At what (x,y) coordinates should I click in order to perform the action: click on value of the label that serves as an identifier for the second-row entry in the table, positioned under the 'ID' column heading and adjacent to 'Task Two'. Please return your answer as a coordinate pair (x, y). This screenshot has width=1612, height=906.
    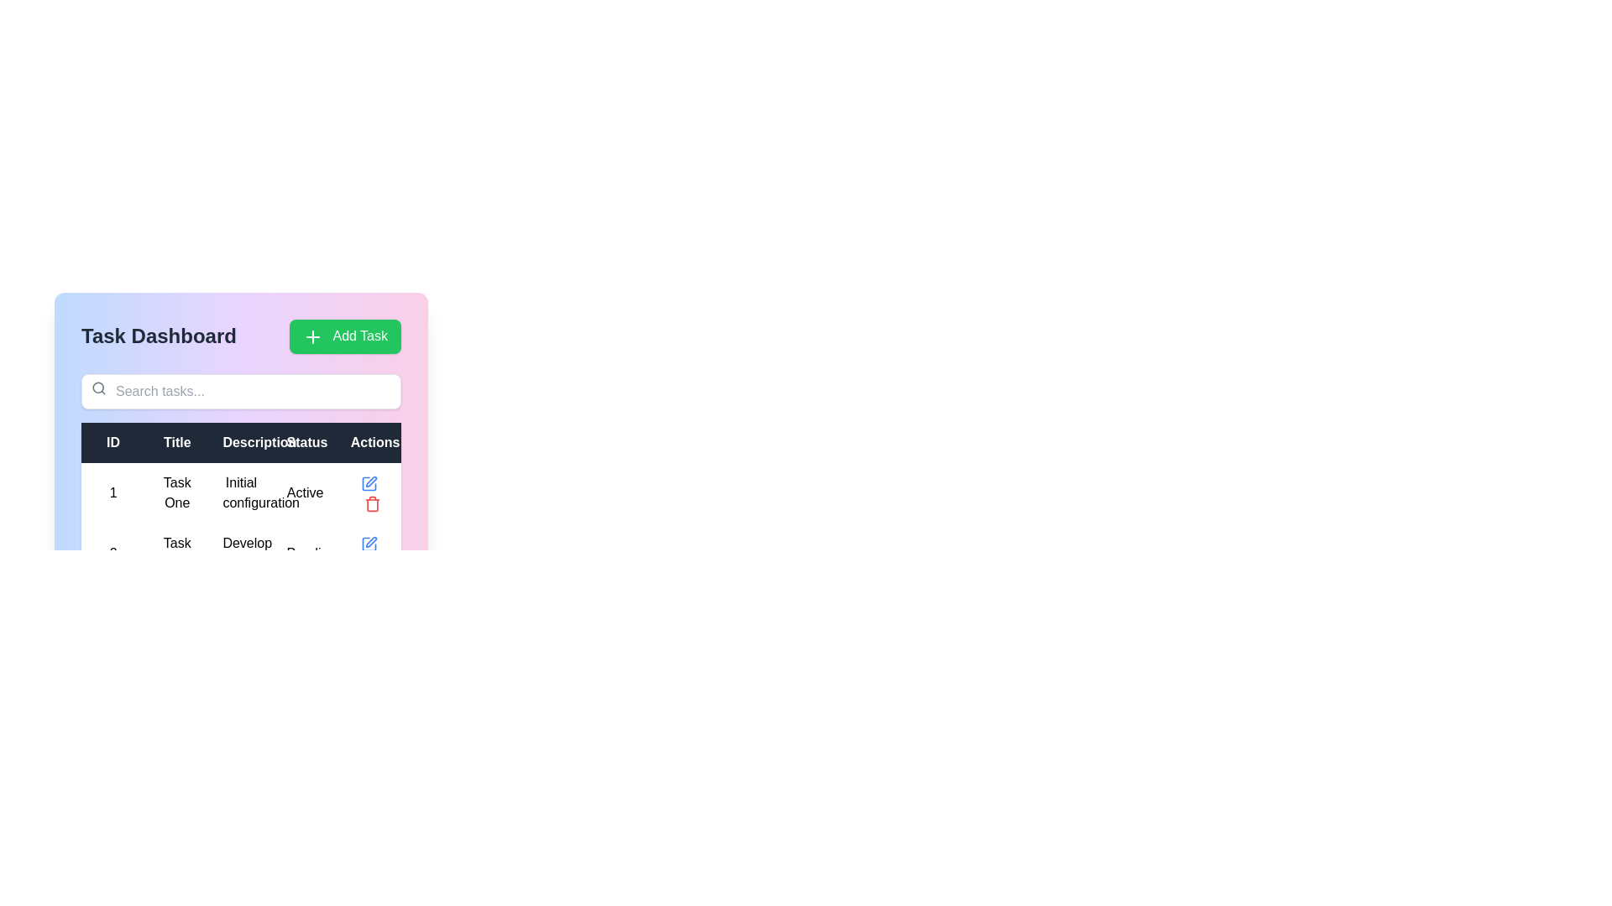
    Looking at the image, I should click on (113, 553).